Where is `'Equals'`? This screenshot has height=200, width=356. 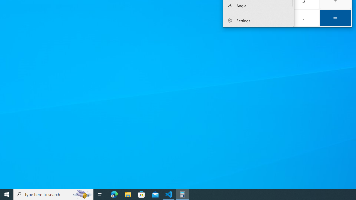 'Equals' is located at coordinates (335, 17).